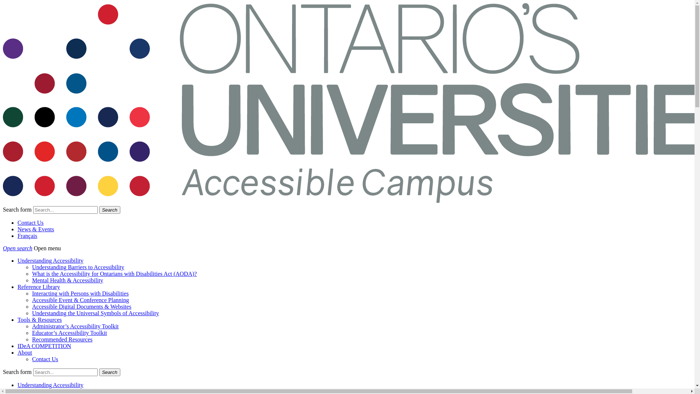  What do you see at coordinates (62, 339) in the screenshot?
I see `'Recommended Resources'` at bounding box center [62, 339].